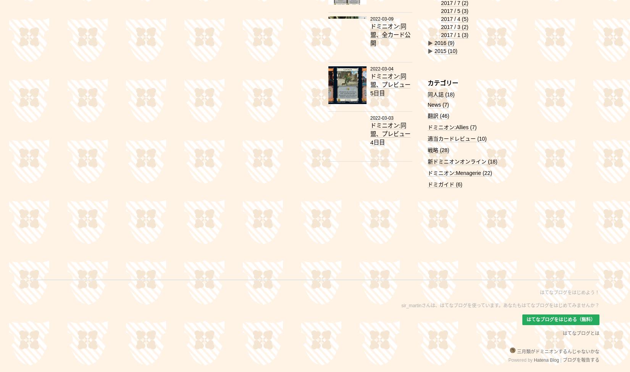  I want to click on 'ドミニオン:同盟、プレビュー4日目', so click(390, 134).